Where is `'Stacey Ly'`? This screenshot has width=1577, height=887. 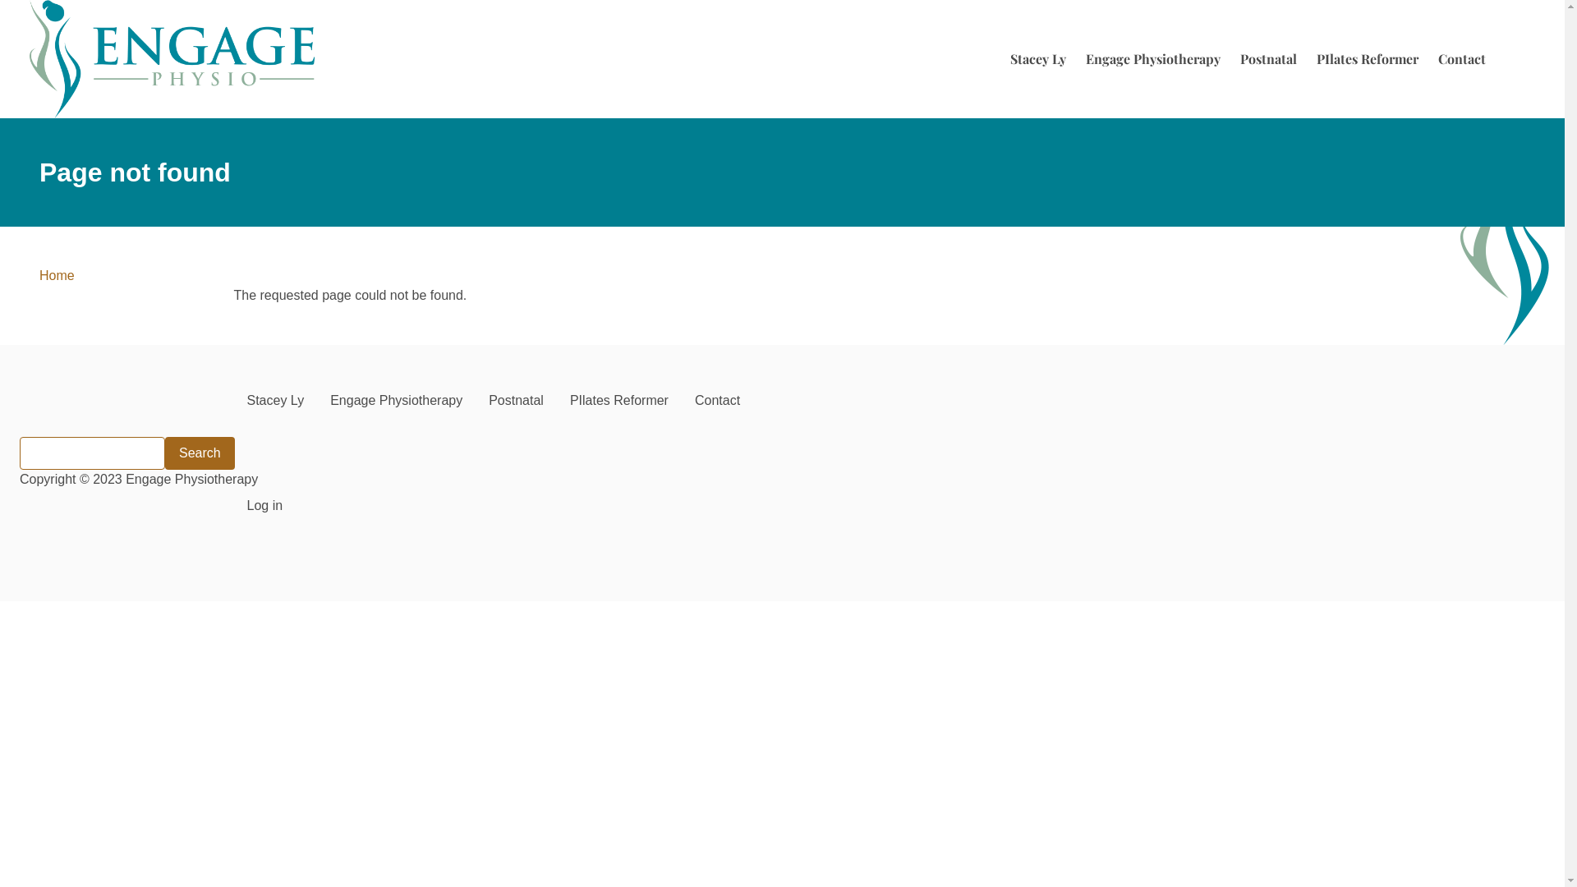 'Stacey Ly' is located at coordinates (1037, 58).